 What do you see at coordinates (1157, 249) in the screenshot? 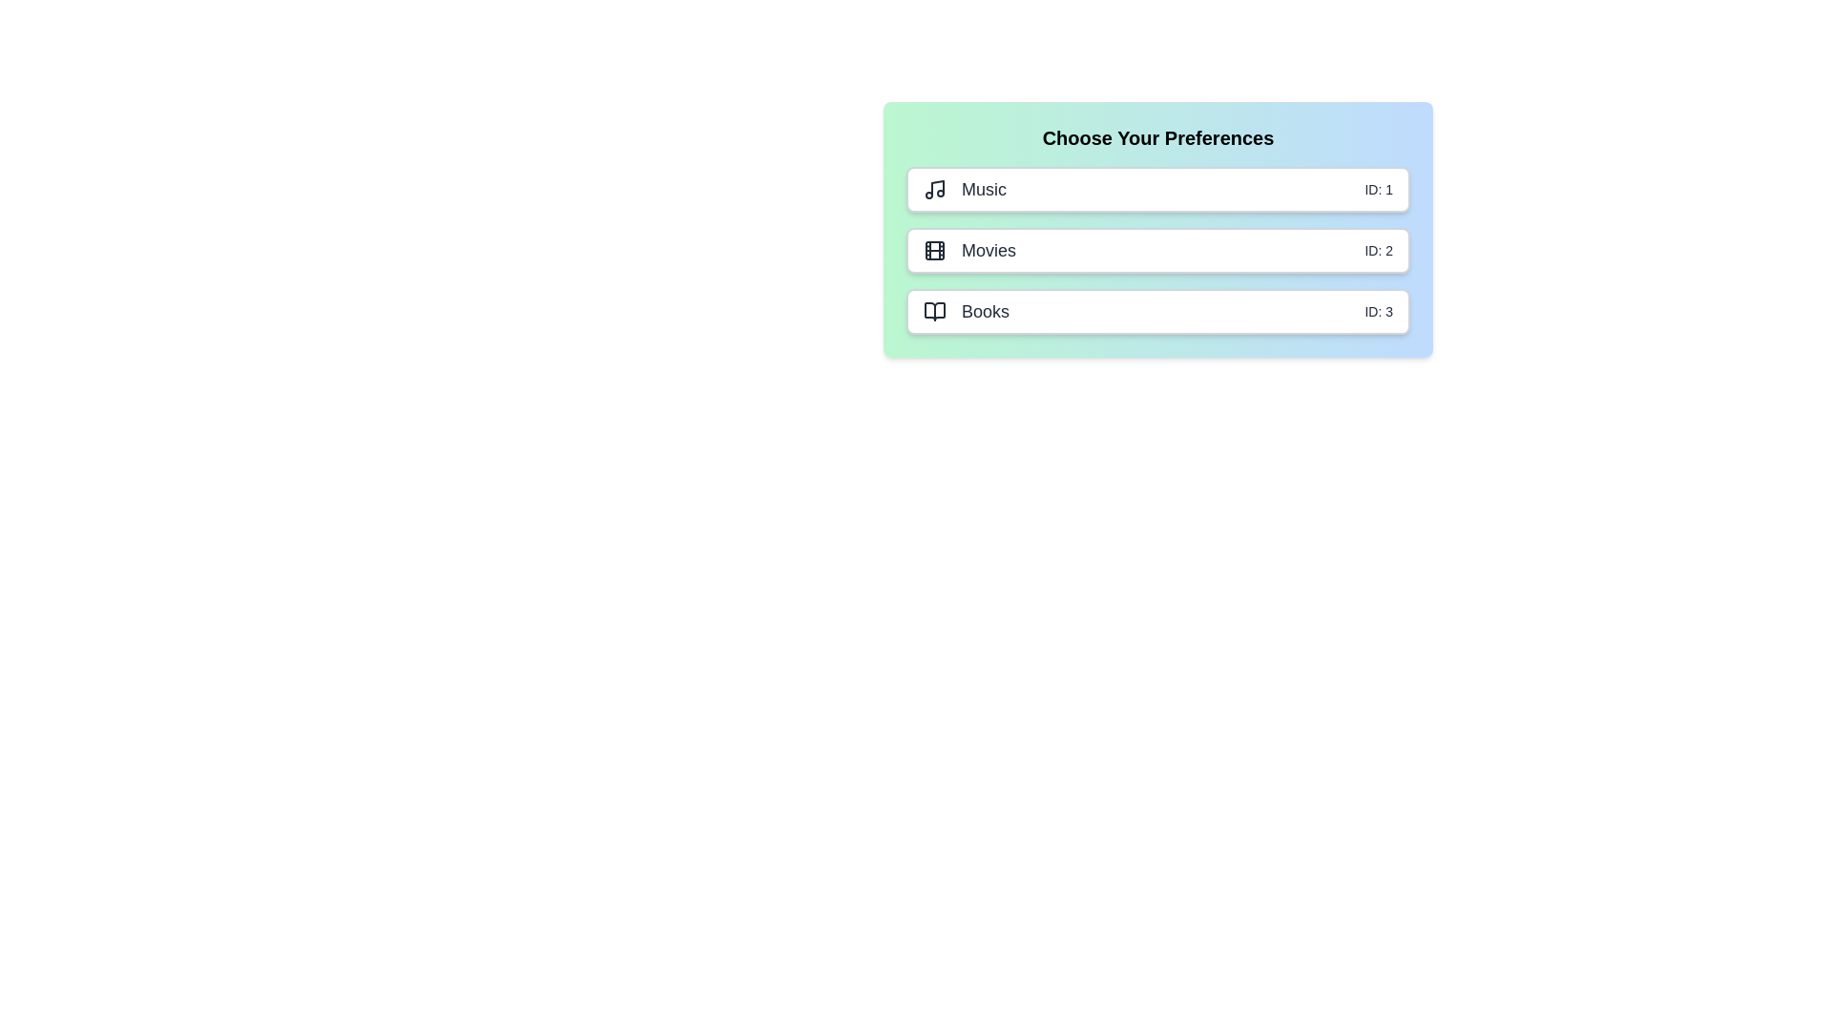
I see `the multimedia item Movies from the list` at bounding box center [1157, 249].